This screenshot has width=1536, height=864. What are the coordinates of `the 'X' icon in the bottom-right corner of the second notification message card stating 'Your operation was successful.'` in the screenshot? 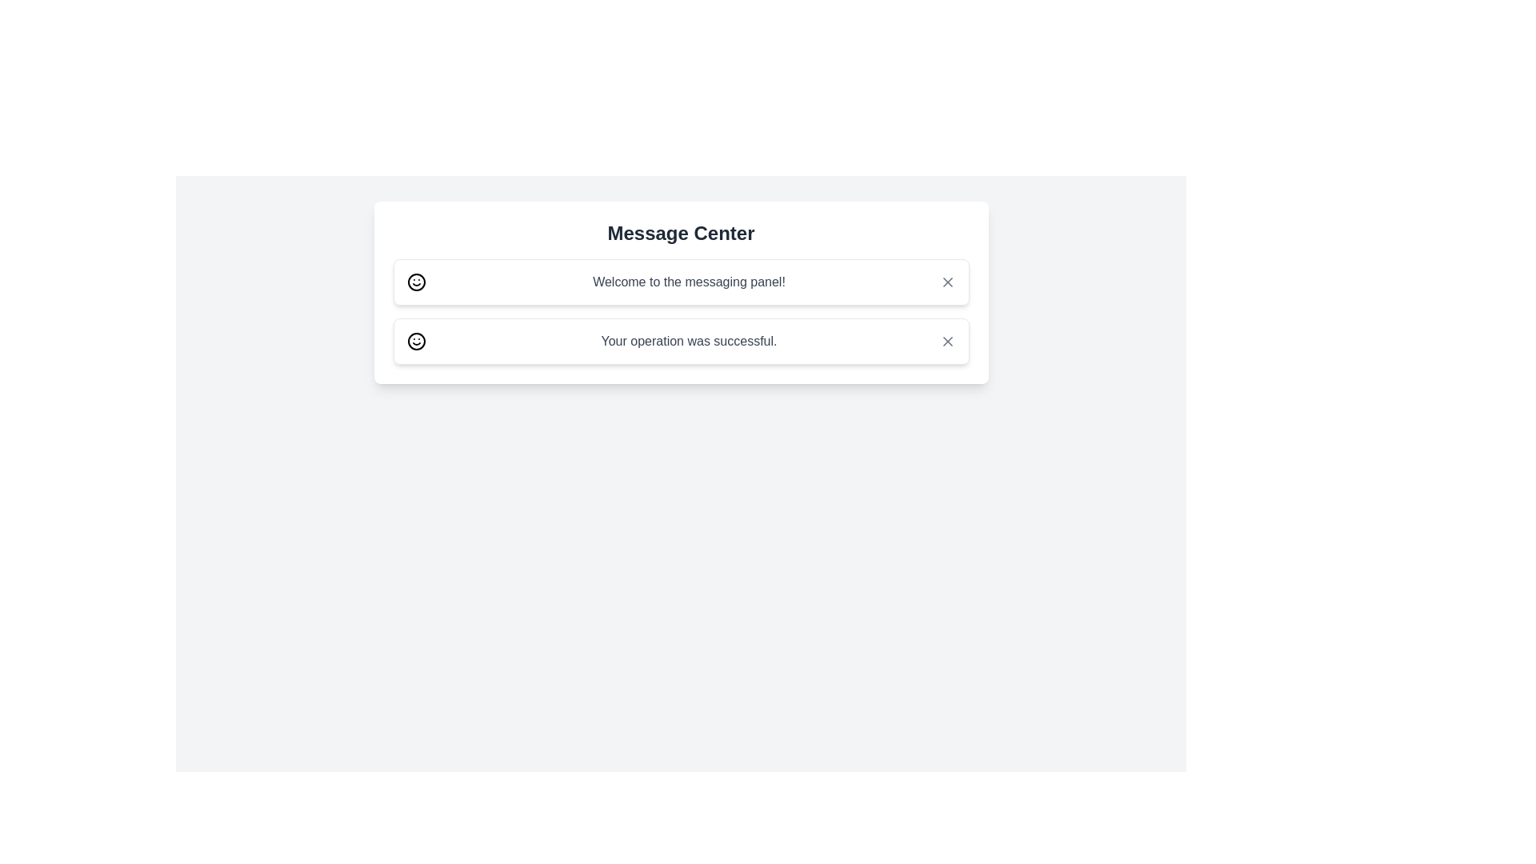 It's located at (947, 341).